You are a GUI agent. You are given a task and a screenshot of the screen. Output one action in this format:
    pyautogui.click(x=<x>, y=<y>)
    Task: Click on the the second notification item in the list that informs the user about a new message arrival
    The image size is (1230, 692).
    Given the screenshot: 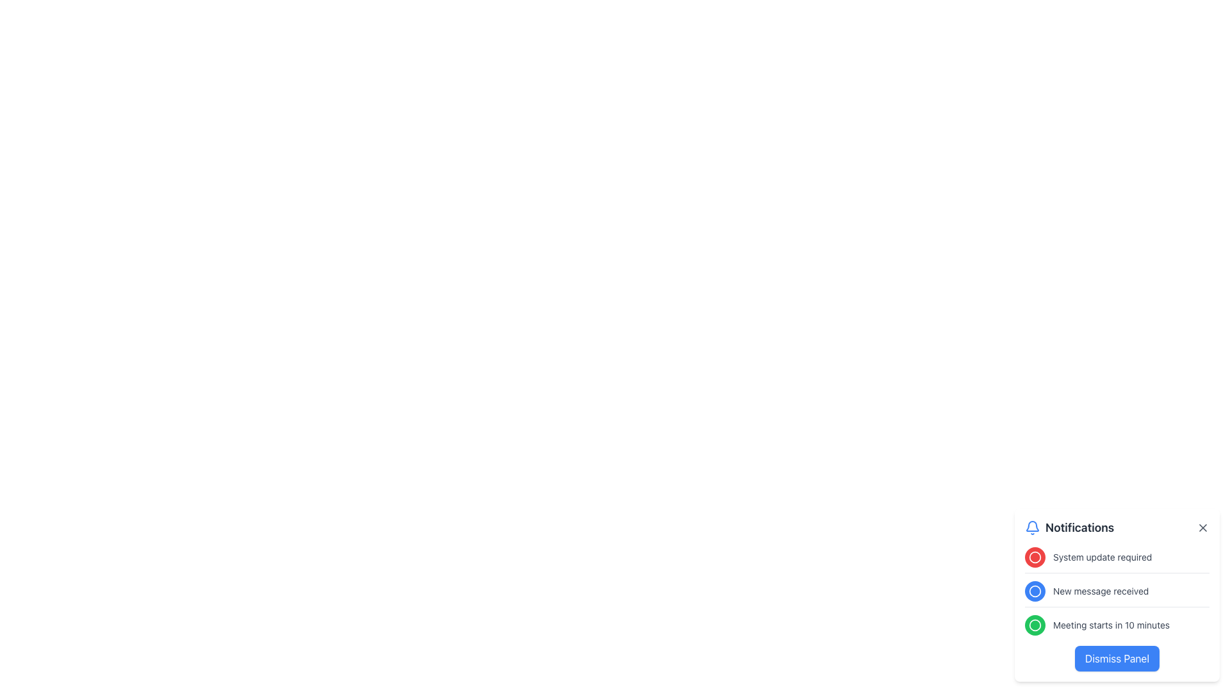 What is the action you would take?
    pyautogui.click(x=1116, y=595)
    